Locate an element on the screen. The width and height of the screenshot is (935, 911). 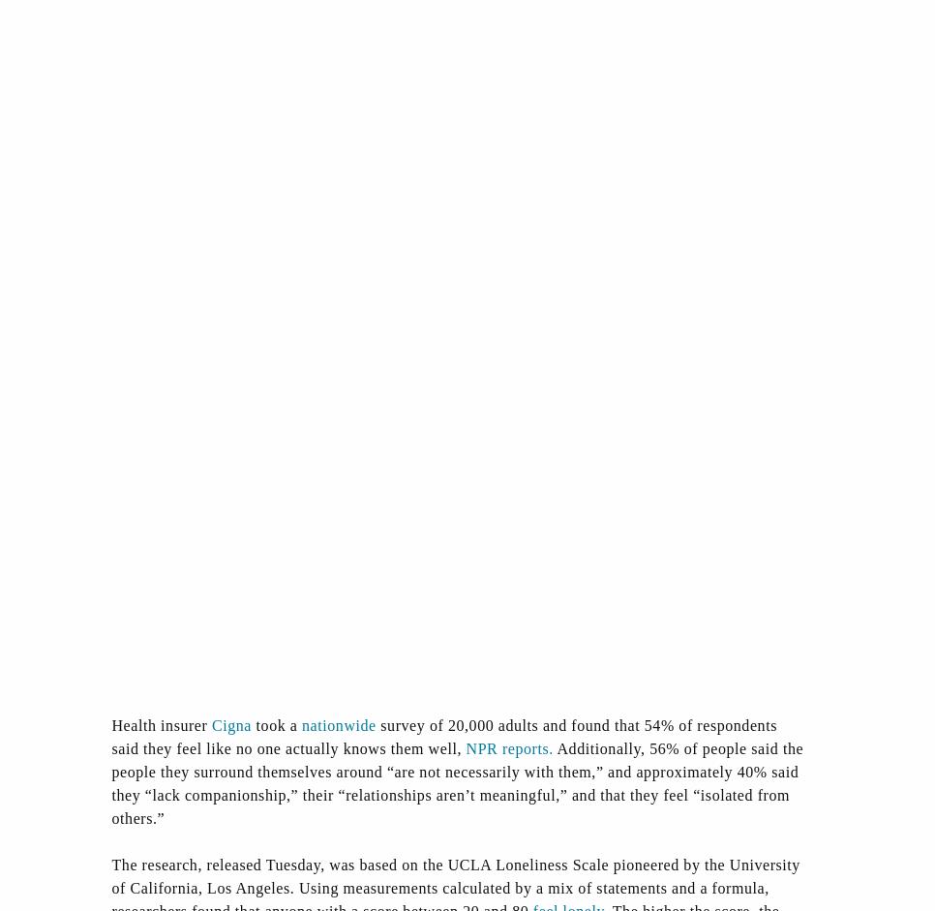
'A.I.' is located at coordinates (689, 753).